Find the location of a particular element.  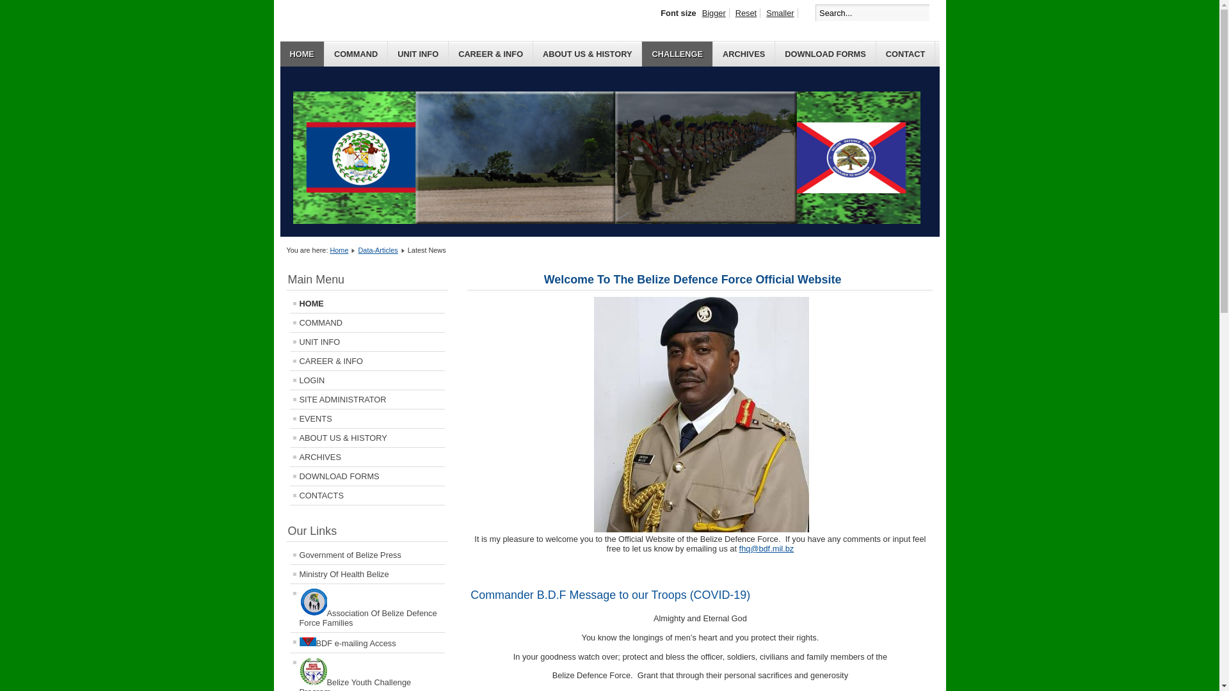

'Home' is located at coordinates (339, 250).